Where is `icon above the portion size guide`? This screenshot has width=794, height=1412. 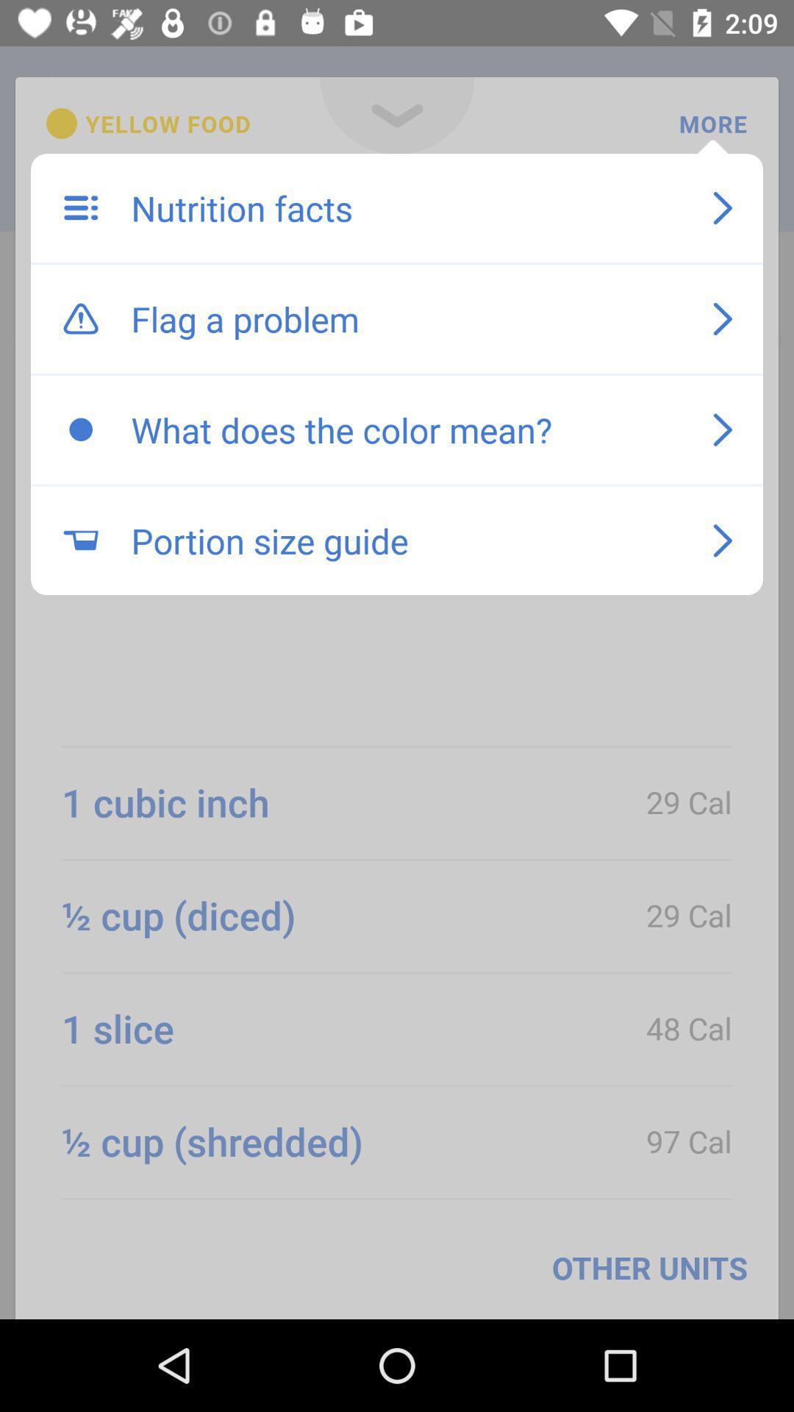 icon above the portion size guide is located at coordinates (407, 429).